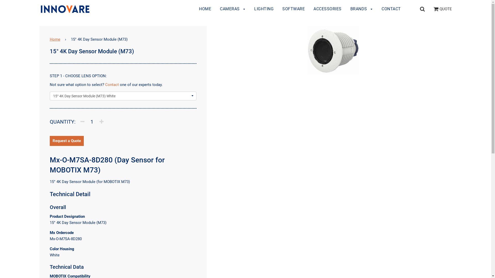 This screenshot has height=278, width=495. What do you see at coordinates (56, 39) in the screenshot?
I see `'Home'` at bounding box center [56, 39].